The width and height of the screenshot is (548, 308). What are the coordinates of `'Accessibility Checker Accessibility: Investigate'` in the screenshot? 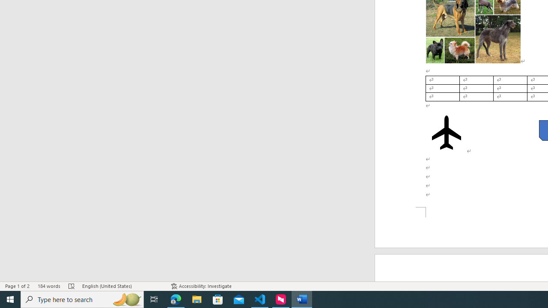 It's located at (201, 286).